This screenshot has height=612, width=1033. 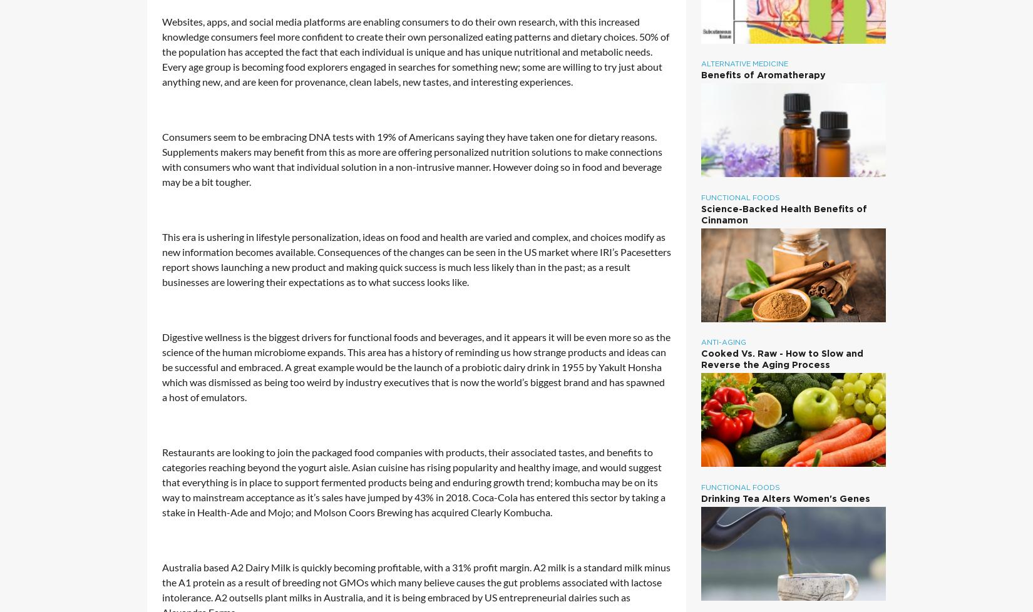 I want to click on 'Websites, apps, and social media platforms are enabling consumers to do their own research, with this increased knowledge consumers feel more confident to create their own personalized eating patterns and dietary choices. 50% of the population has accepted the fact that each individual is unique and has unique nutritional and metabolic needs. Every age group is becoming food explorers engaged in searches for something new; some are willing to try just about anything new, and are keen for provenance, clean labels, new tastes, and interesting experiences.', so click(x=414, y=51).